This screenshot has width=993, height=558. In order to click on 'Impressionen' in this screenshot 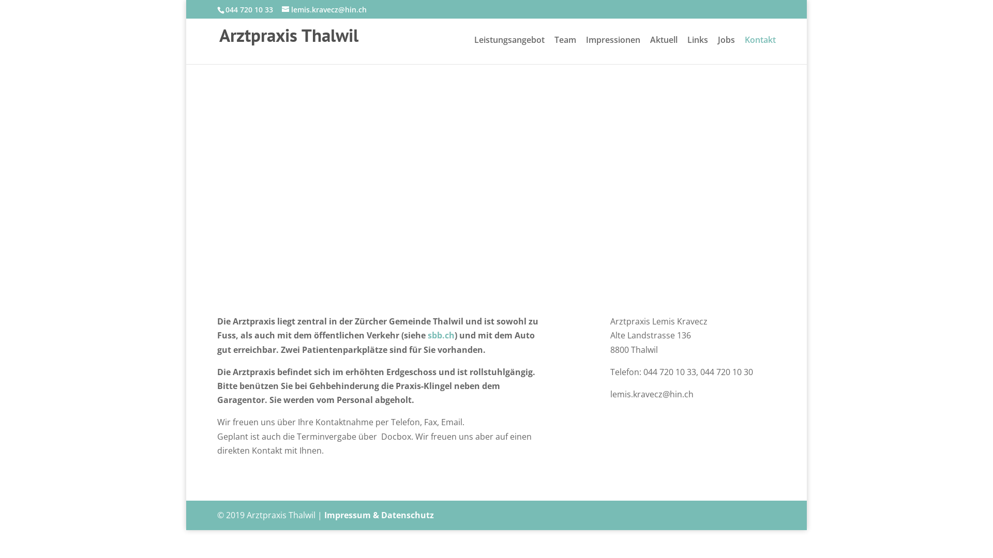, I will do `click(613, 50)`.